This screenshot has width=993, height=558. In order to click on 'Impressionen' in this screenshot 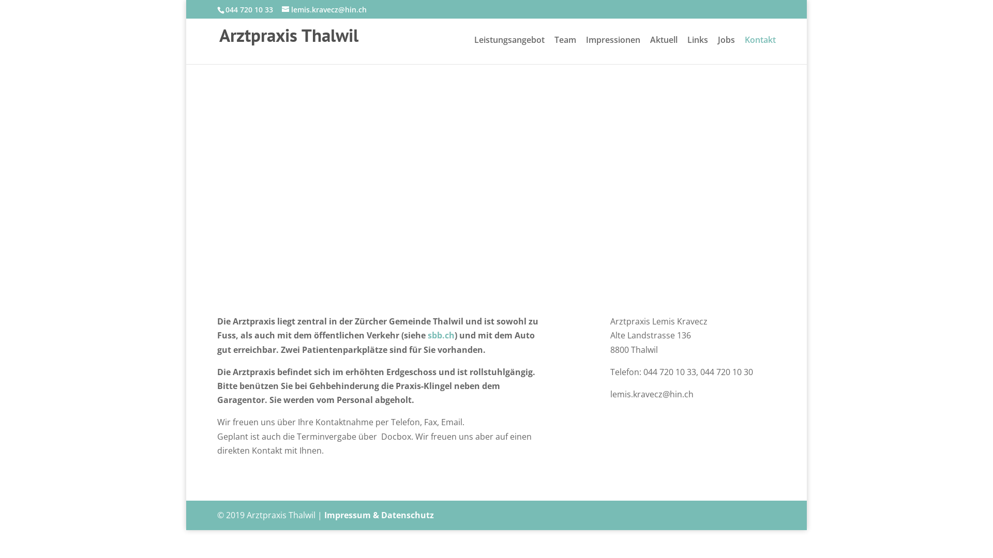, I will do `click(613, 50)`.